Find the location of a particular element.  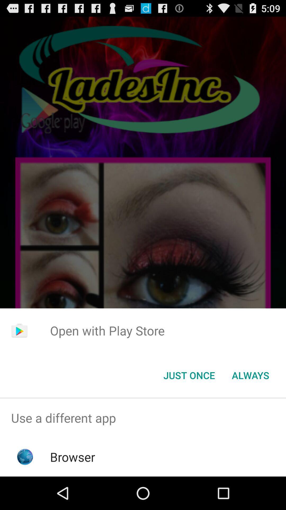

browser item is located at coordinates (73, 457).